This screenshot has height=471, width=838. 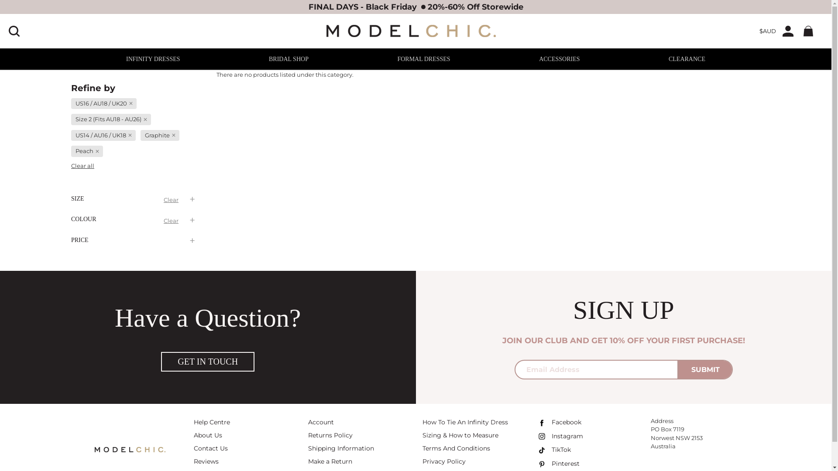 What do you see at coordinates (171, 220) in the screenshot?
I see `'Clear'` at bounding box center [171, 220].